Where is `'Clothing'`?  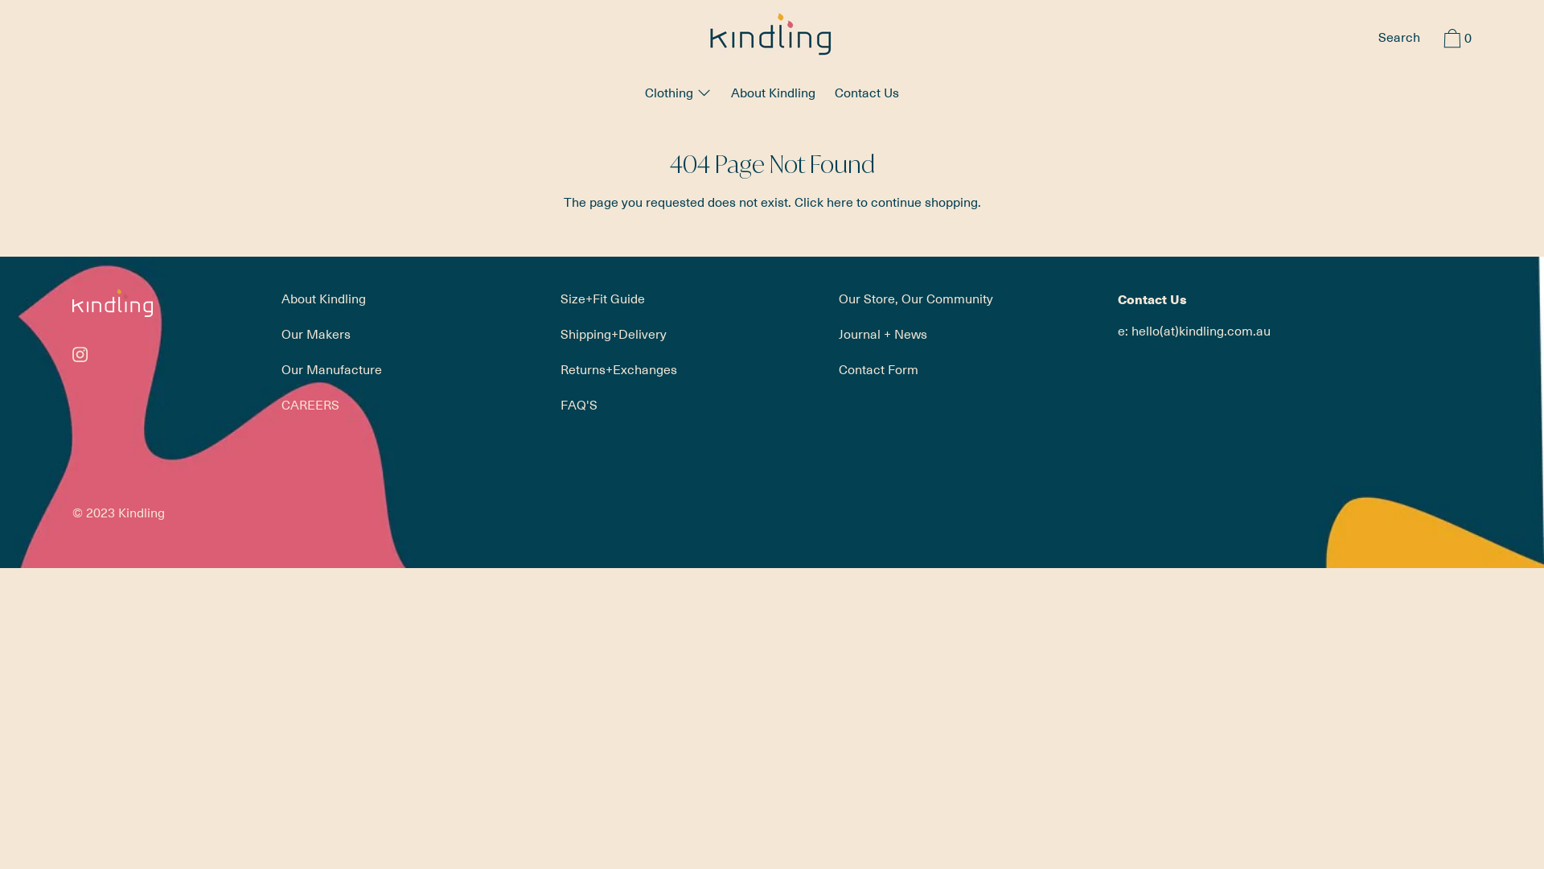
'Clothing' is located at coordinates (678, 95).